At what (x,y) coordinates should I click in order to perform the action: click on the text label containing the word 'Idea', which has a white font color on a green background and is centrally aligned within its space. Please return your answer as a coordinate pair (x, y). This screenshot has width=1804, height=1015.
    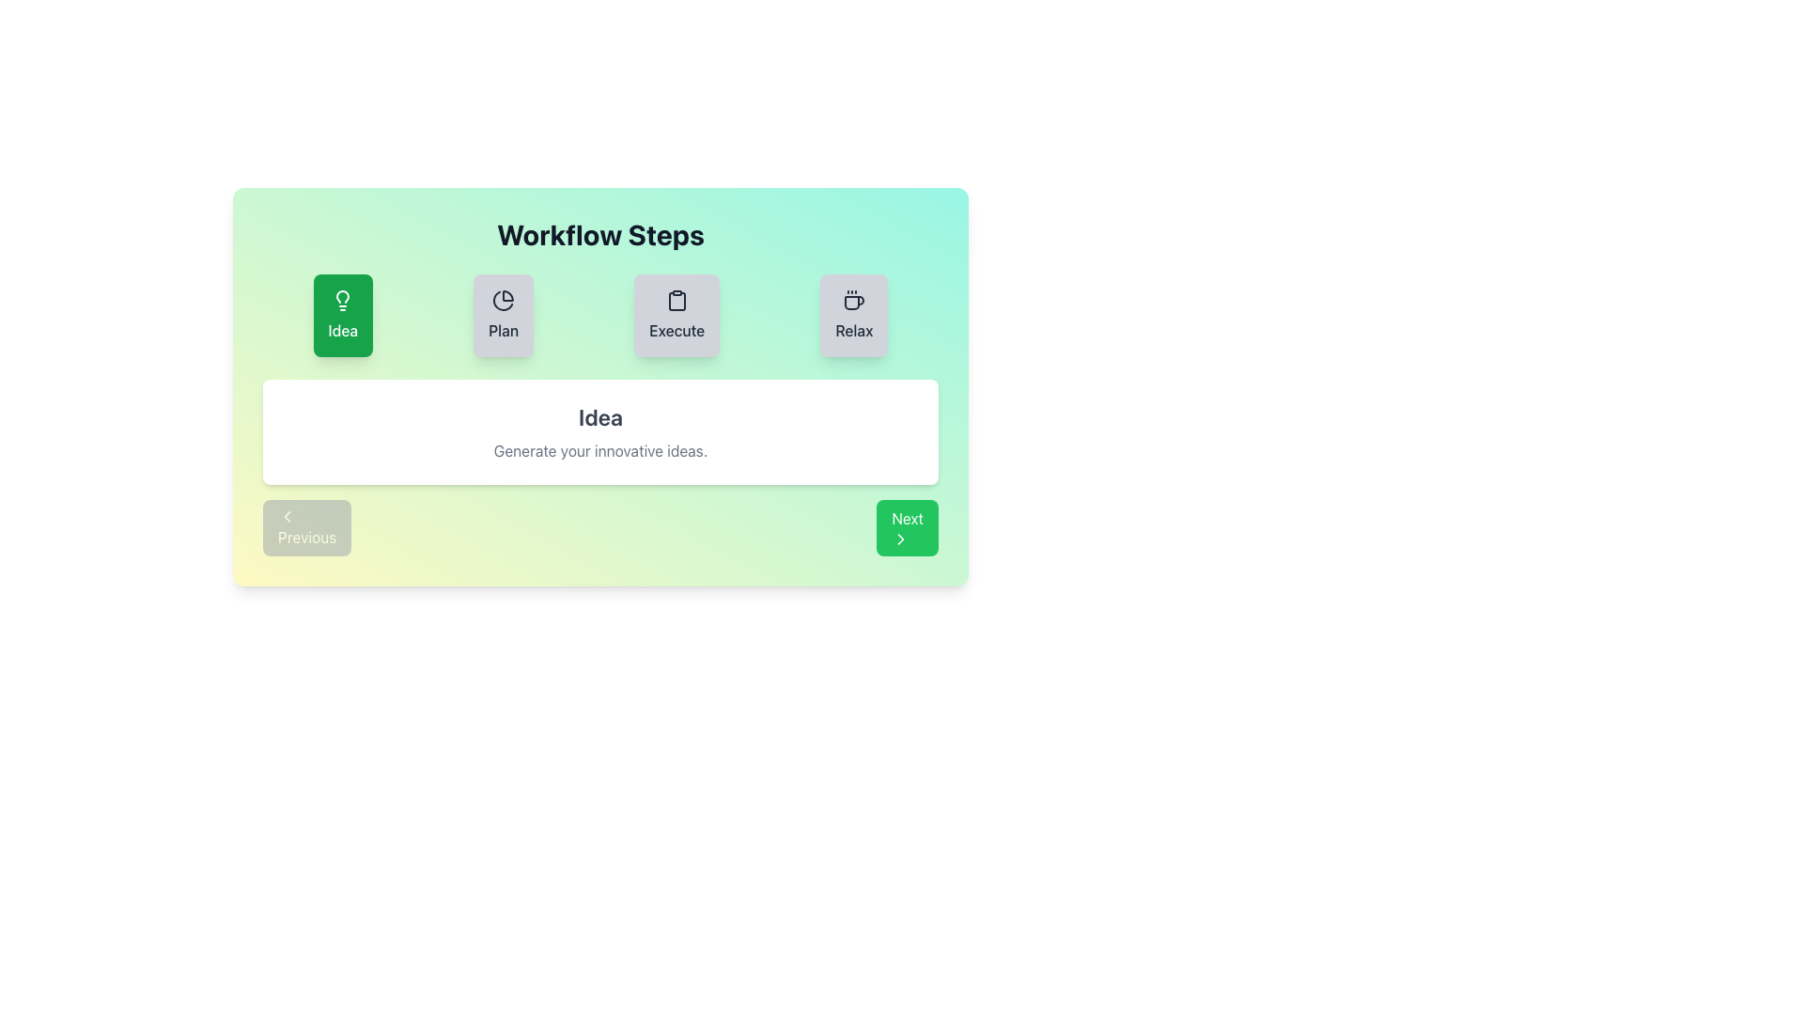
    Looking at the image, I should click on (343, 329).